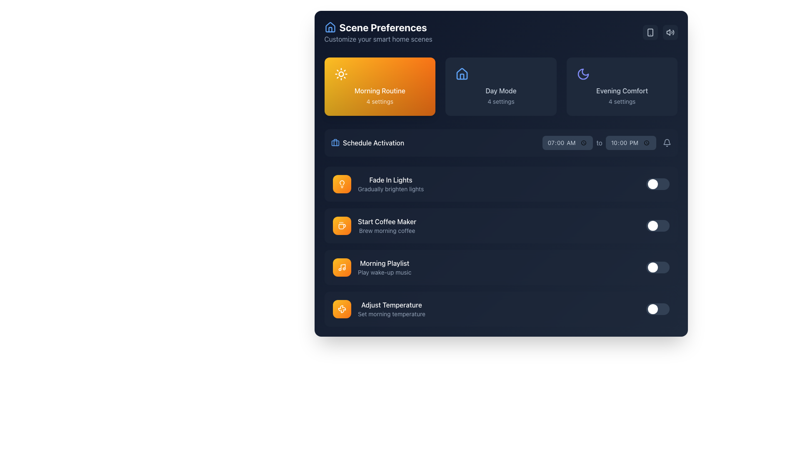 This screenshot has height=450, width=800. Describe the element at coordinates (341, 73) in the screenshot. I see `the sun icon with a white design and yellow background located in the 'Scene Preferences' section` at that location.